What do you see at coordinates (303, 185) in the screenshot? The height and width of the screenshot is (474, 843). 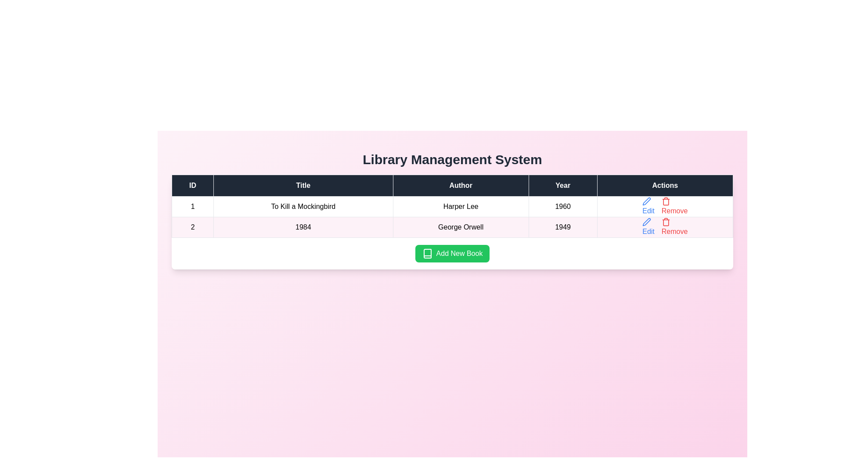 I see `label 'Title' in the second header cell of the table, which has a dark background and light-colored text` at bounding box center [303, 185].